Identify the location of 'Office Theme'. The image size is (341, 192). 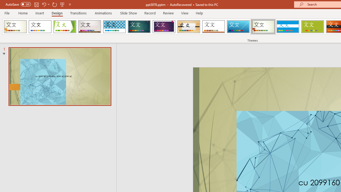
(40, 27).